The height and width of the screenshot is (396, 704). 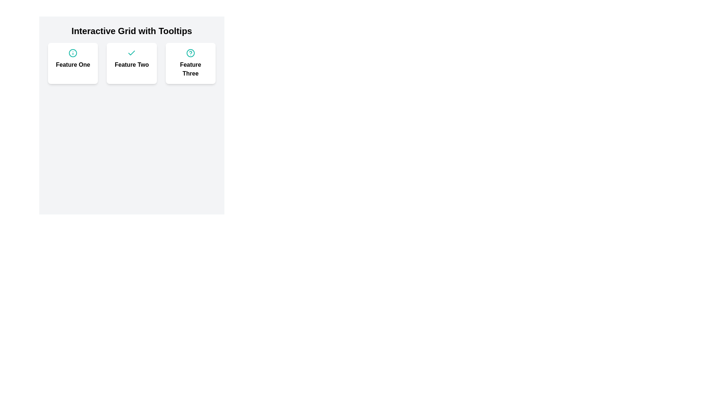 What do you see at coordinates (190, 69) in the screenshot?
I see `the text label displaying 'Feature Three', which is bold and centered within the third card` at bounding box center [190, 69].